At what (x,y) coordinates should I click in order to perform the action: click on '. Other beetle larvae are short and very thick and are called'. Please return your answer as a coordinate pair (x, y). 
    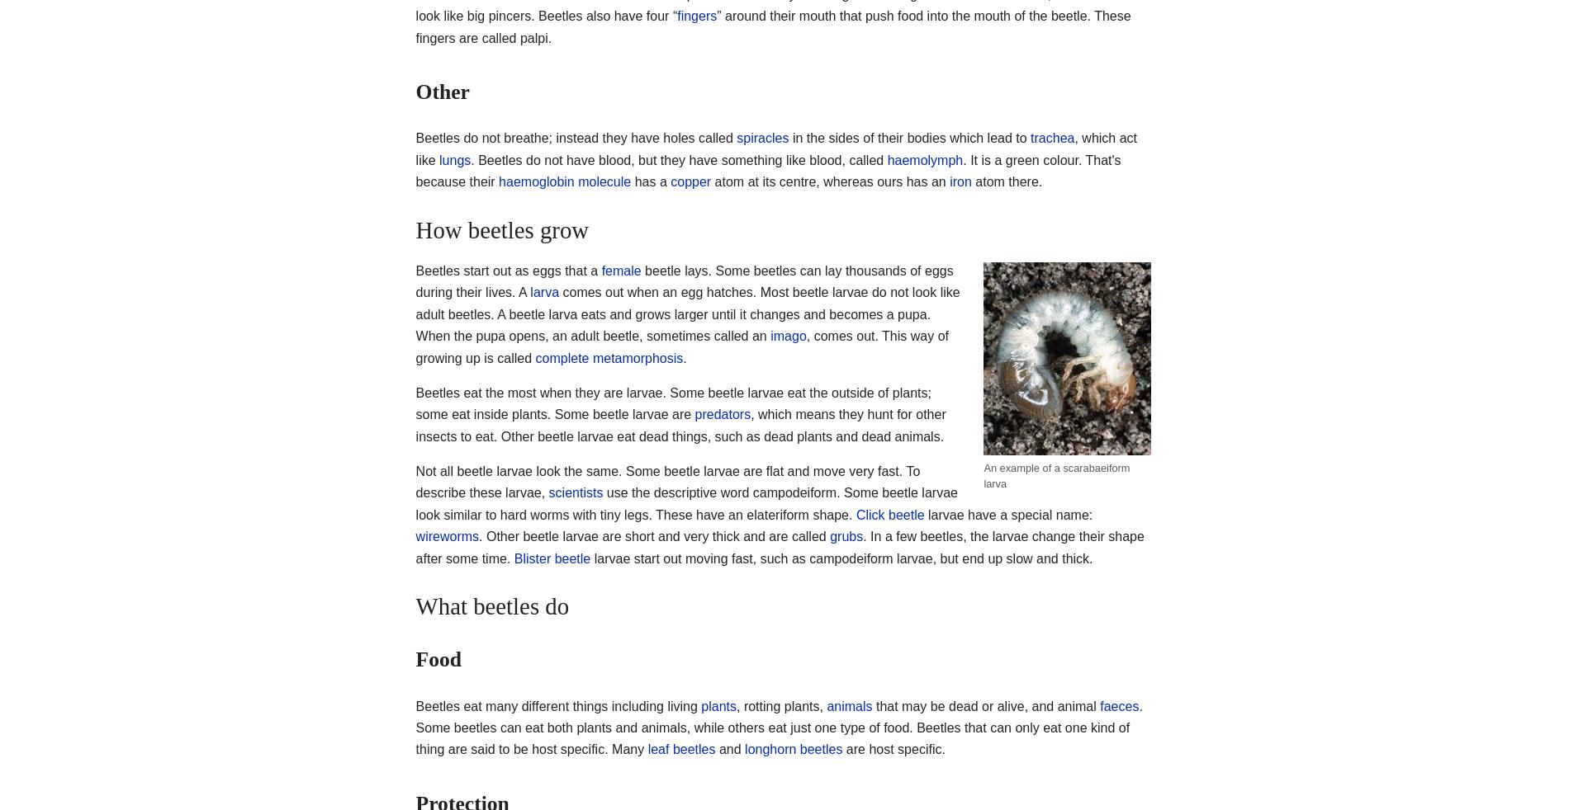
    Looking at the image, I should click on (653, 535).